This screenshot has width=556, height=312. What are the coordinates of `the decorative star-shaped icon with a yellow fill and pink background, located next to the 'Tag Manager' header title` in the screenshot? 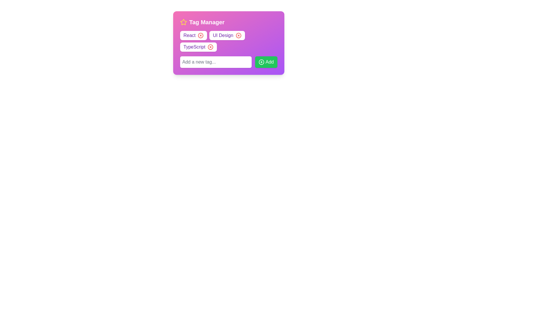 It's located at (183, 22).